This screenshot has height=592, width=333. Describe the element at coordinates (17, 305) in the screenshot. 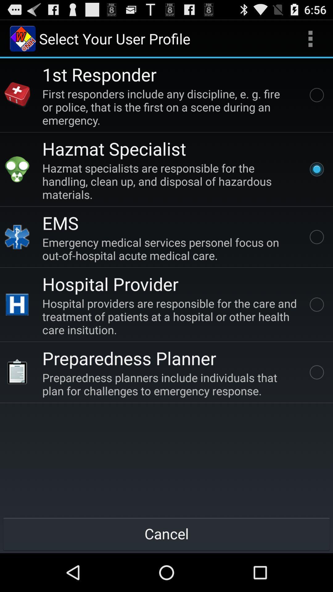

I see `the hospital provider icon` at that location.